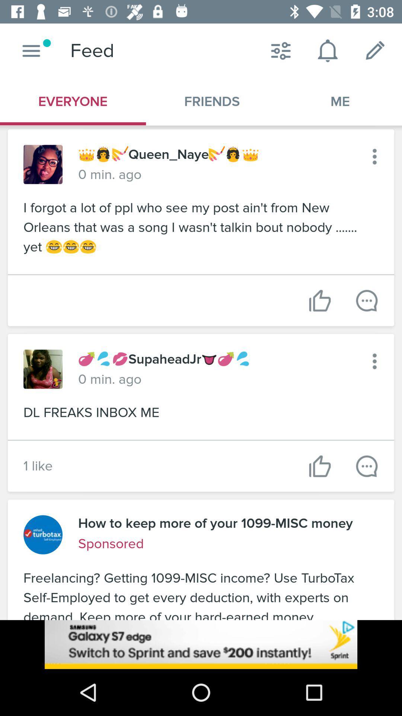 The width and height of the screenshot is (402, 716). Describe the element at coordinates (374, 156) in the screenshot. I see `icon` at that location.